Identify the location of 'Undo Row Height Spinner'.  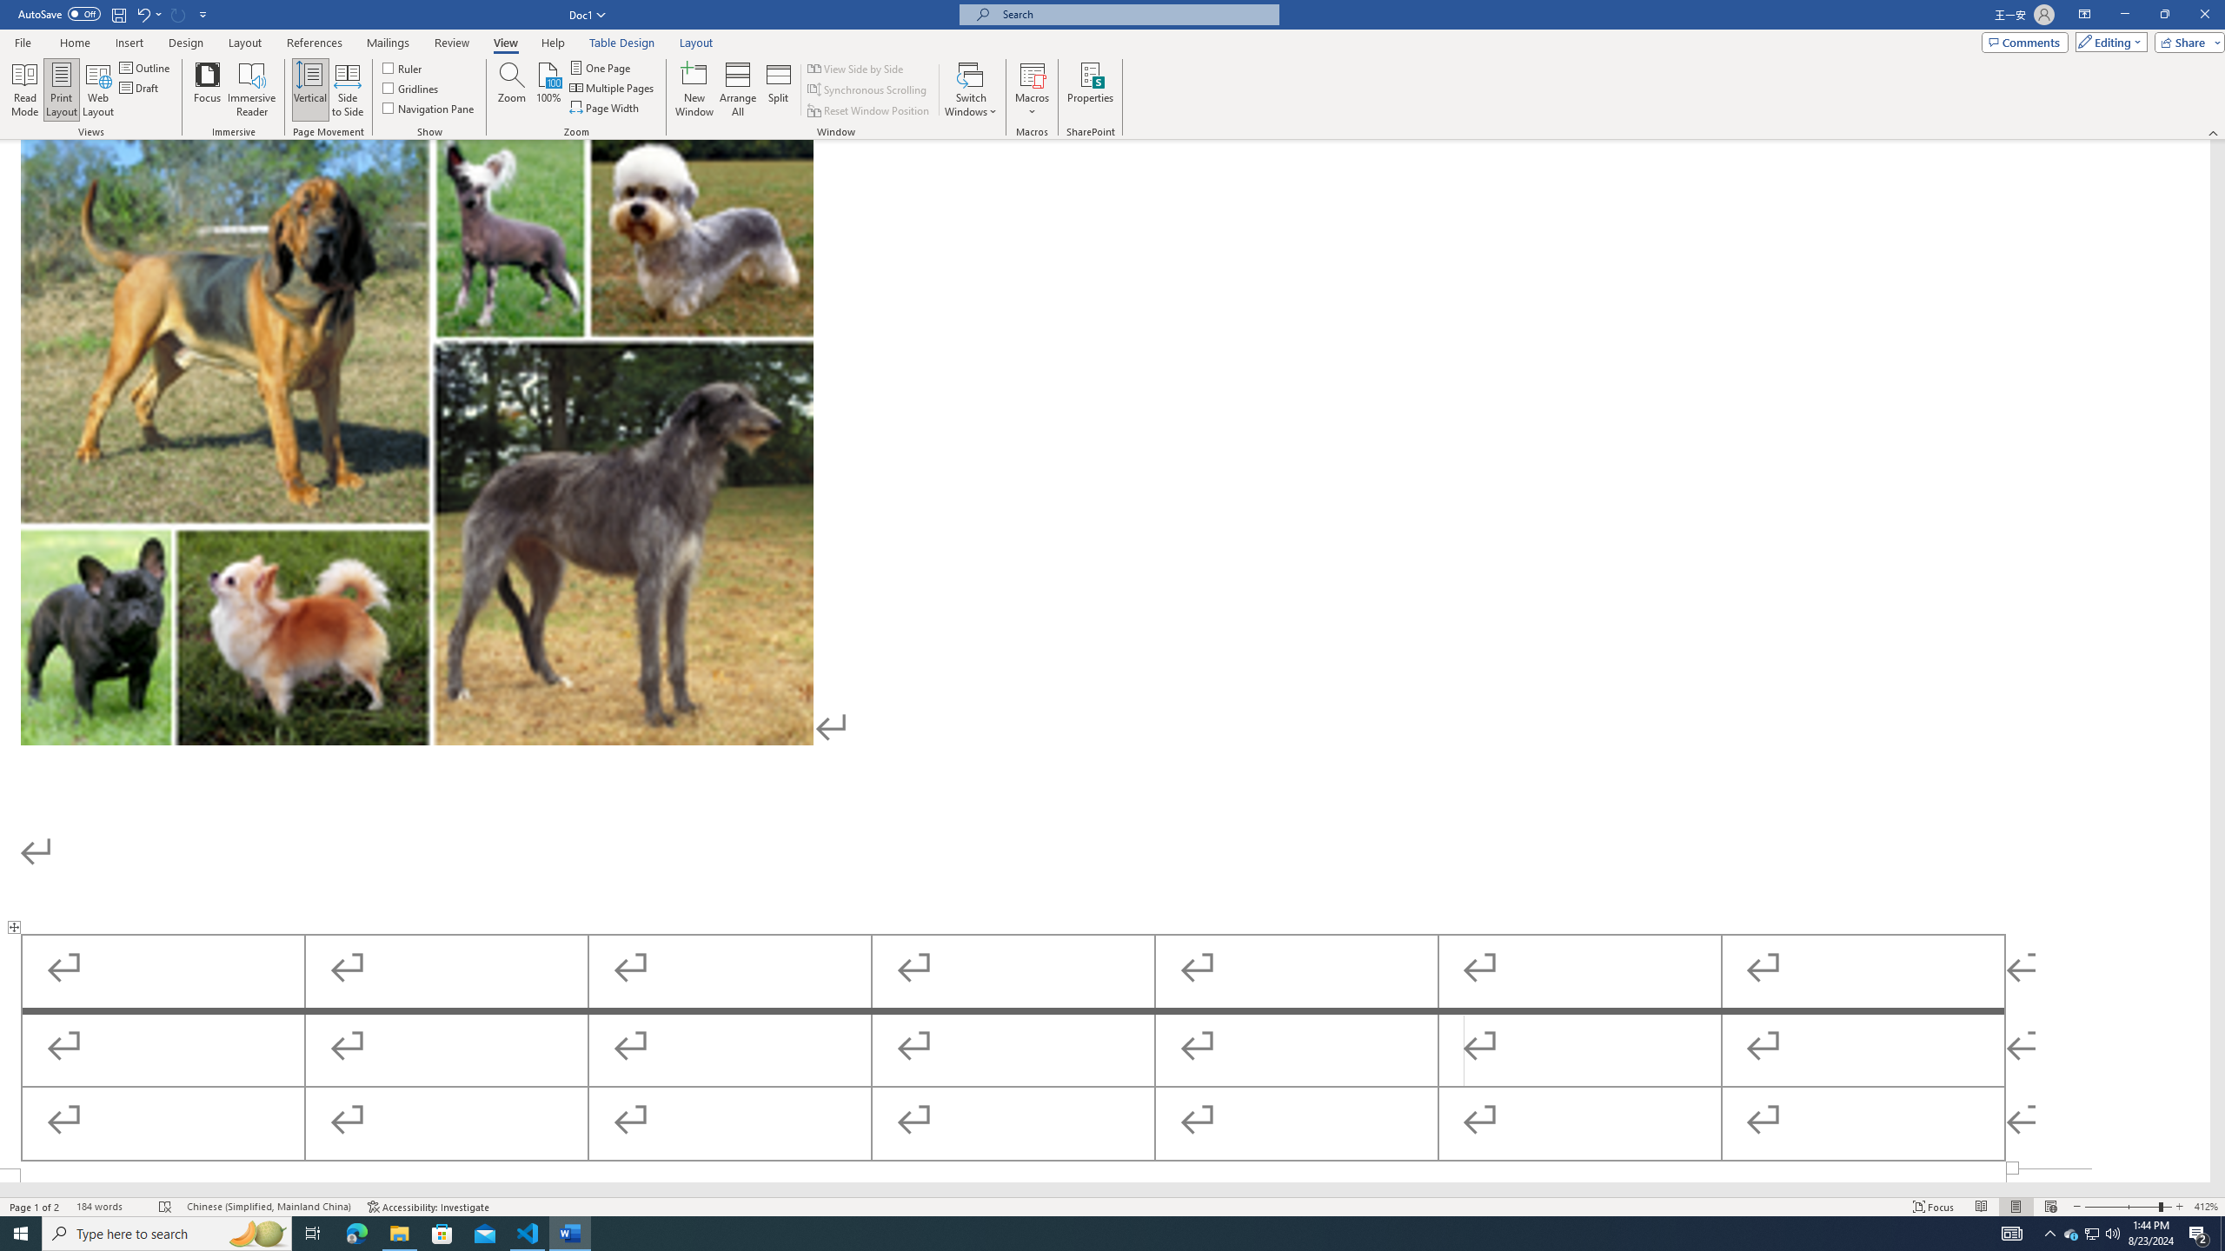
(142, 13).